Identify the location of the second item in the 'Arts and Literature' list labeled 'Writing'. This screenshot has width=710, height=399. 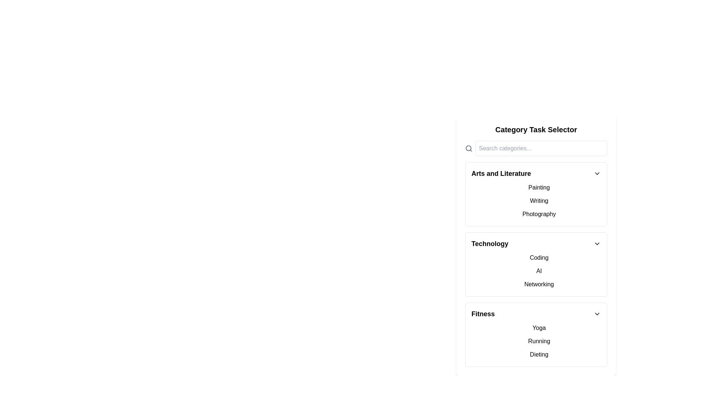
(539, 201).